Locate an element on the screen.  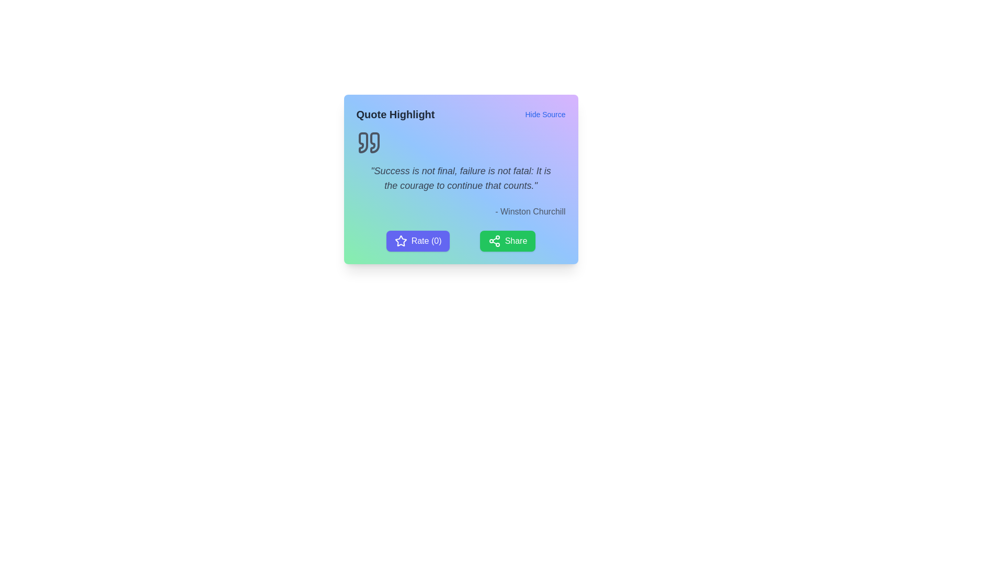
the light gray rounded double quotation mark icon located at the top-left corner of the quote display card is located at coordinates (369, 143).